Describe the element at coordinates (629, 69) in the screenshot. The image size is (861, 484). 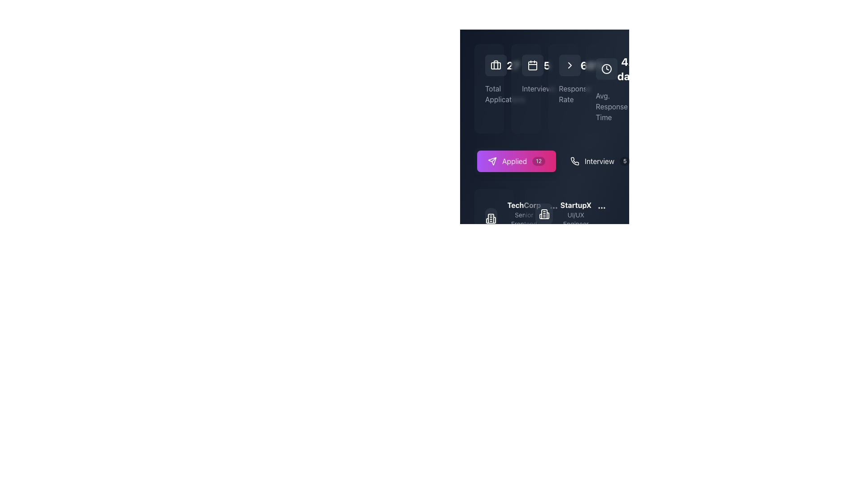
I see `the displayed metric labeled 'Avg. Response Time' located at the top-right corner of the interface, next to a clock symbol and below the text indicating 'Avg. Response Time'` at that location.